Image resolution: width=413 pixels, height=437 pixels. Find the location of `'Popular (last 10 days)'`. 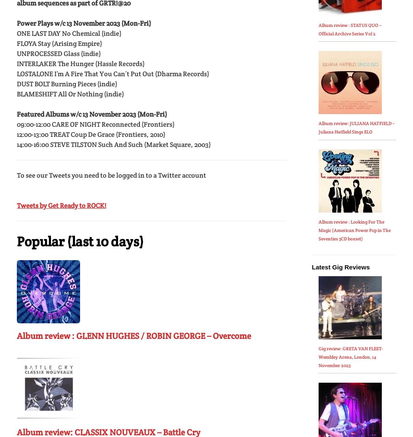

'Popular (last 10 days)' is located at coordinates (80, 240).